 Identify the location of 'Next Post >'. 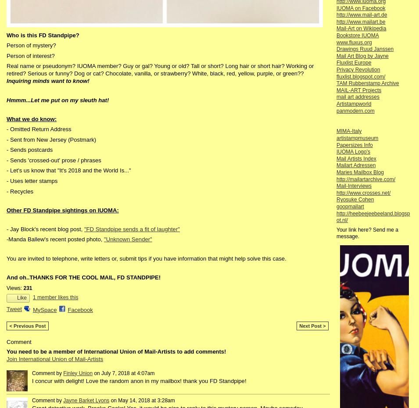
(312, 325).